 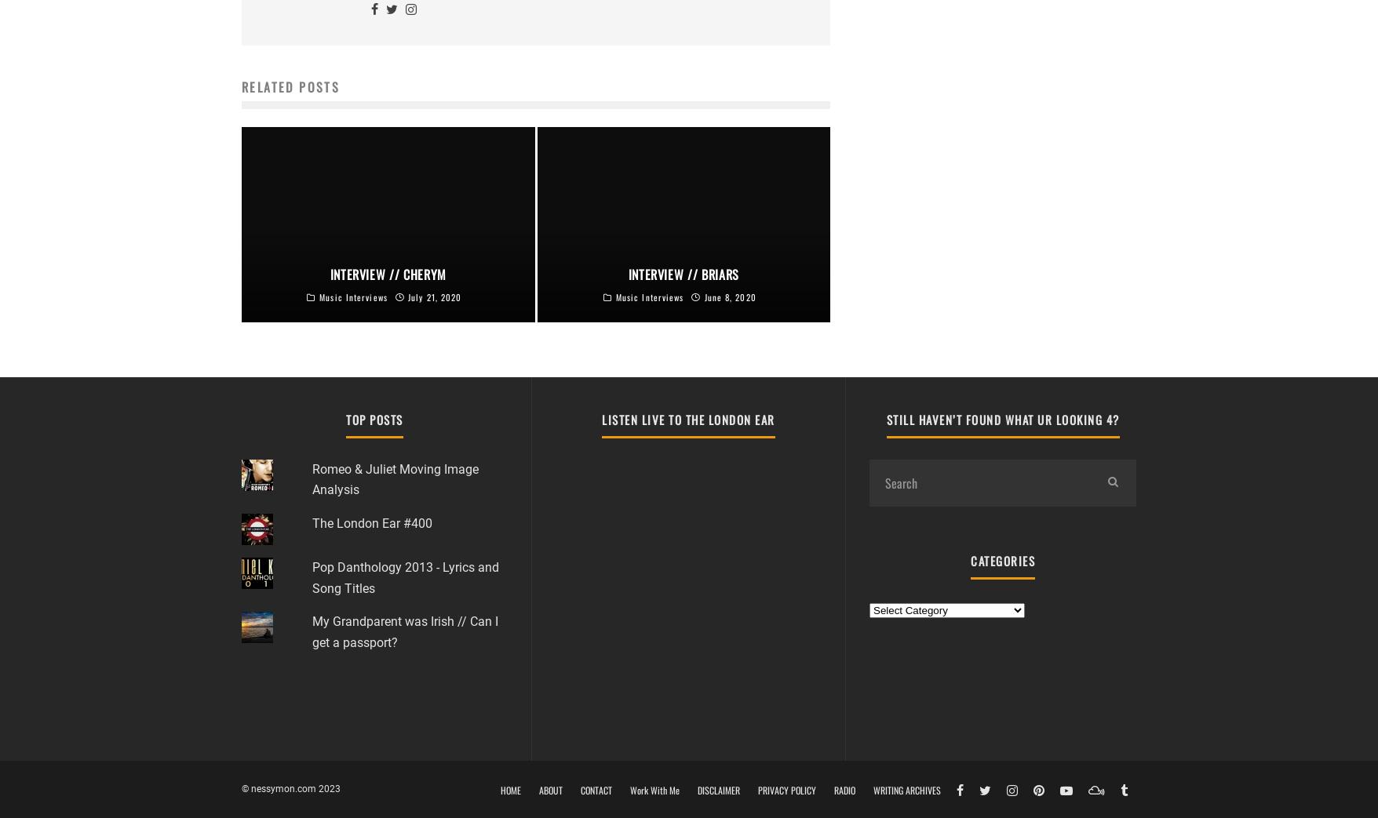 I want to click on 'Romeo & Juliet Moving Image Analysis', so click(x=395, y=478).